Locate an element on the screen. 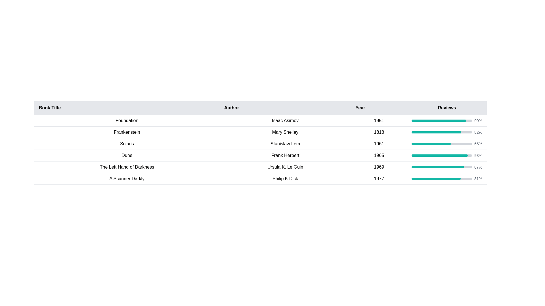 Image resolution: width=545 pixels, height=306 pixels. the static text label displaying the percentage of reviews for the book titled 'Dune', located in the 'Reviews' column of the table, adjacent to the progress bar is located at coordinates (478, 155).